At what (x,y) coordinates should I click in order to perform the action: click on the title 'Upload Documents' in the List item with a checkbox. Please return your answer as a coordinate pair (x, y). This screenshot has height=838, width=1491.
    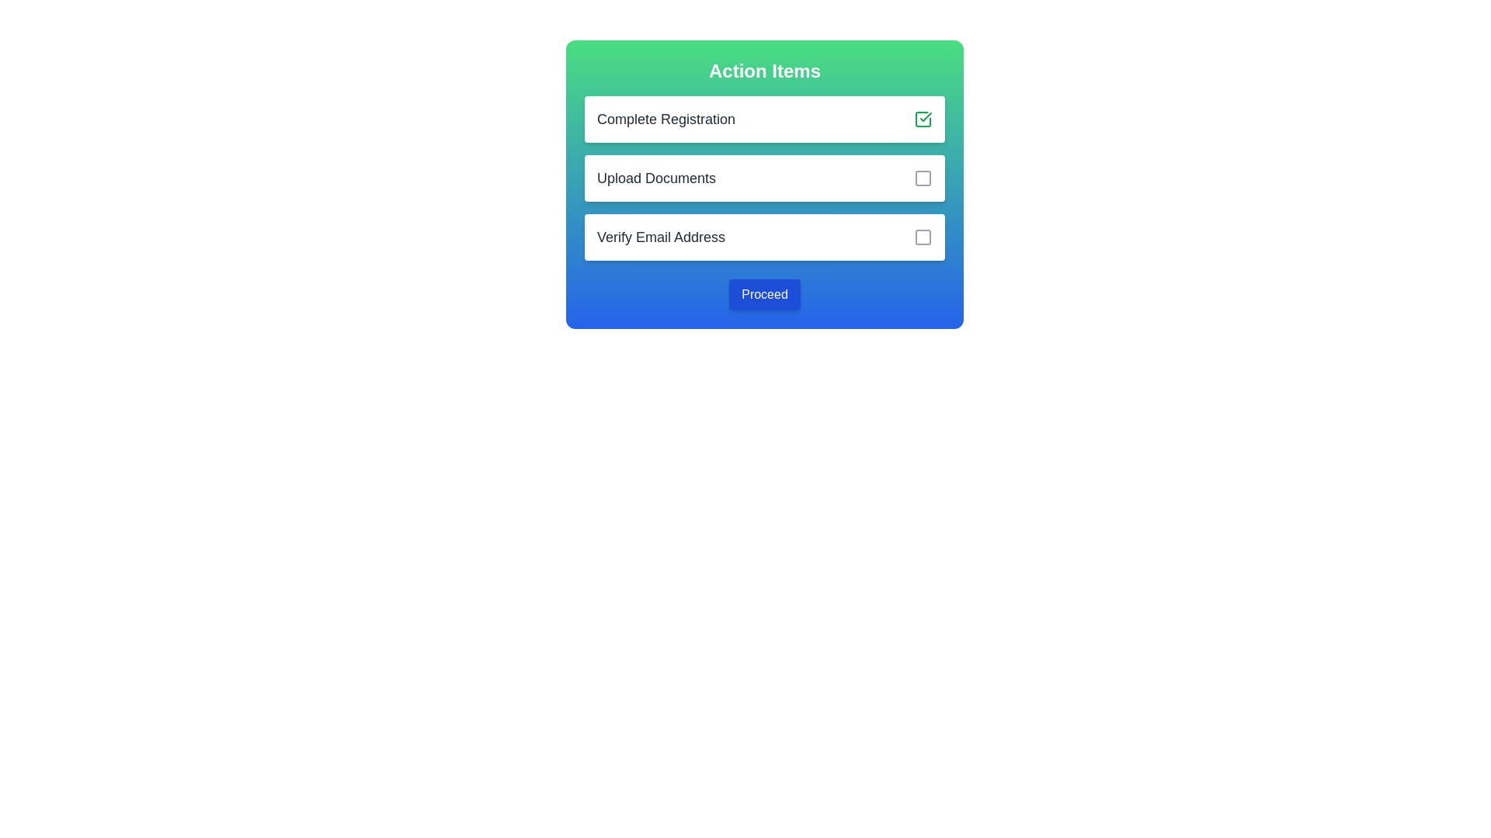
    Looking at the image, I should click on (764, 178).